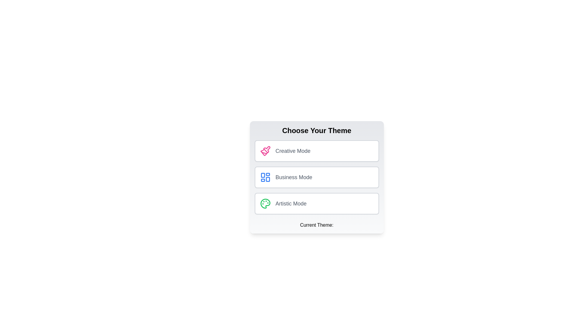  What do you see at coordinates (316, 203) in the screenshot?
I see `the button corresponding to the selected theme: Artistic Mode` at bounding box center [316, 203].